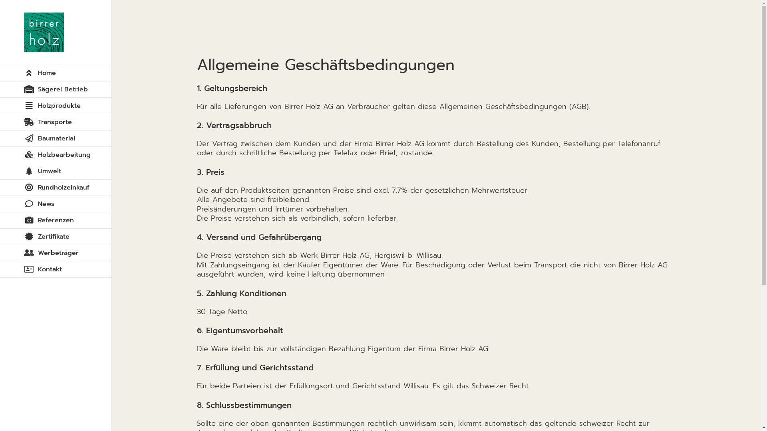 This screenshot has width=767, height=431. Describe the element at coordinates (55, 220) in the screenshot. I see `'Referenzen'` at that location.